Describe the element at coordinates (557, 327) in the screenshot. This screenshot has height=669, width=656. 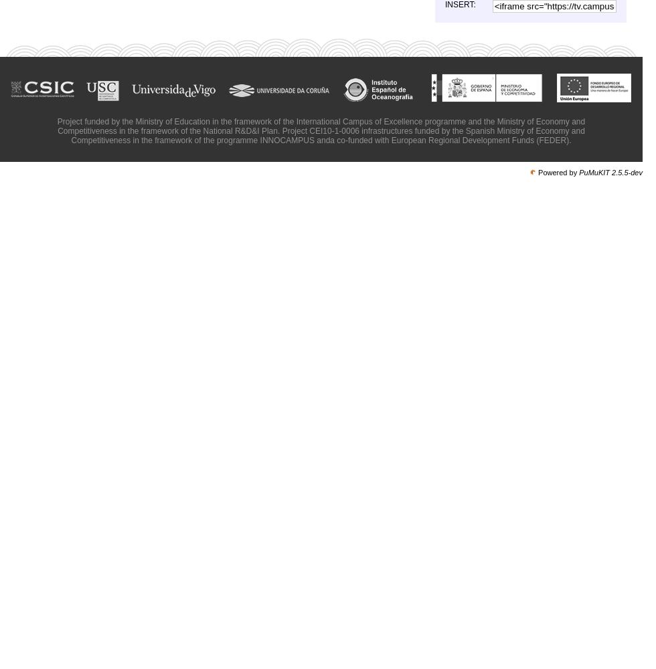
I see `'Francisco Chávez presentation'` at that location.